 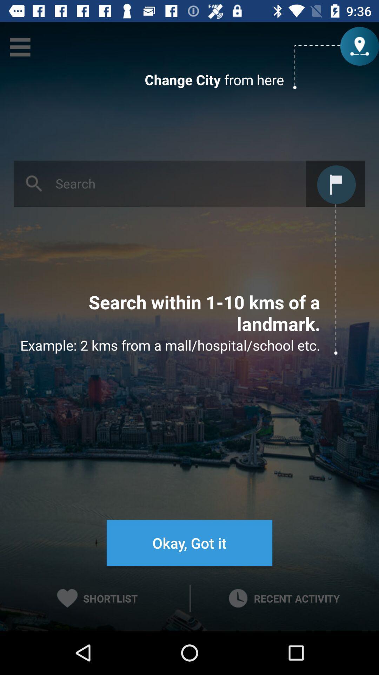 I want to click on the book icon, so click(x=335, y=184).